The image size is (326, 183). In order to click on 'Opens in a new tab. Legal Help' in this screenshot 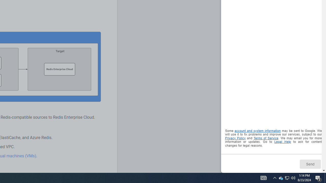, I will do `click(282, 142)`.